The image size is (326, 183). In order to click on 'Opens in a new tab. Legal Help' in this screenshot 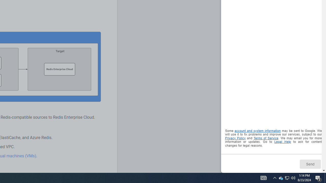, I will do `click(282, 142)`.